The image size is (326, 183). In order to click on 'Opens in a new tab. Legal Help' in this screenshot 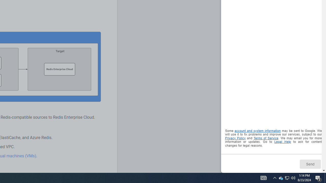, I will do `click(282, 142)`.